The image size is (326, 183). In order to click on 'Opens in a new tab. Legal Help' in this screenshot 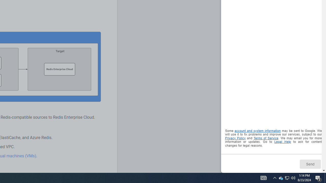, I will do `click(282, 142)`.